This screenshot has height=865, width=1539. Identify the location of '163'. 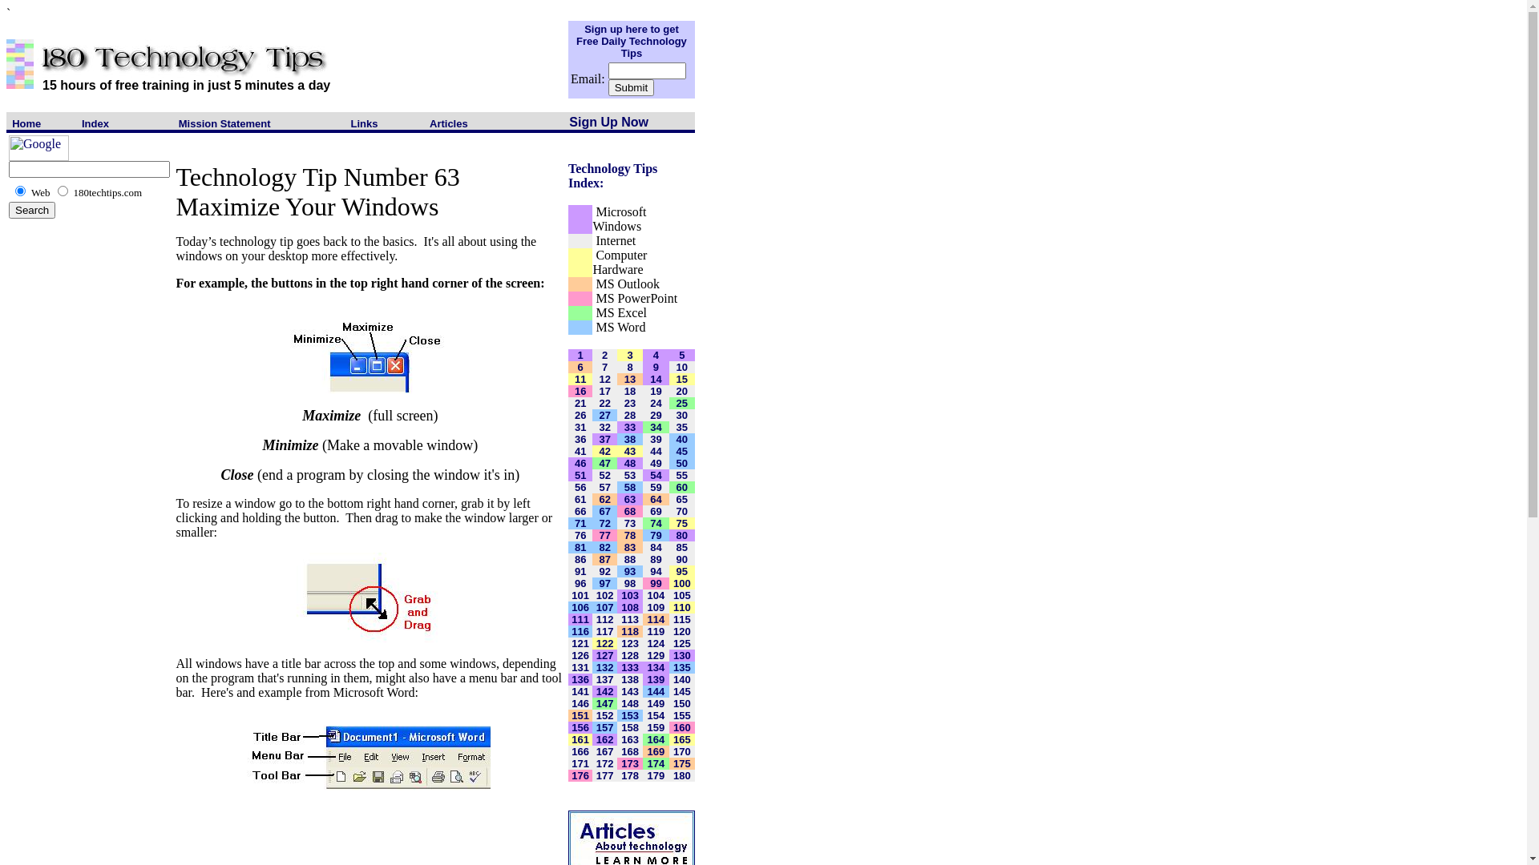
(620, 738).